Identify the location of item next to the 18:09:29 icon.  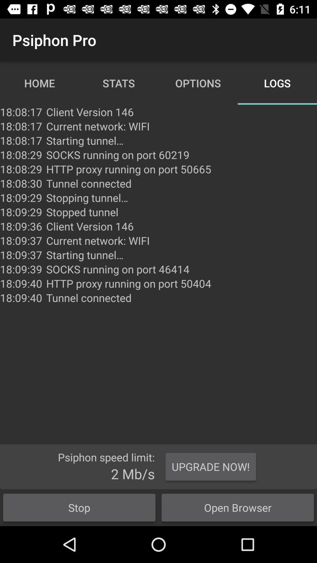
(82, 212).